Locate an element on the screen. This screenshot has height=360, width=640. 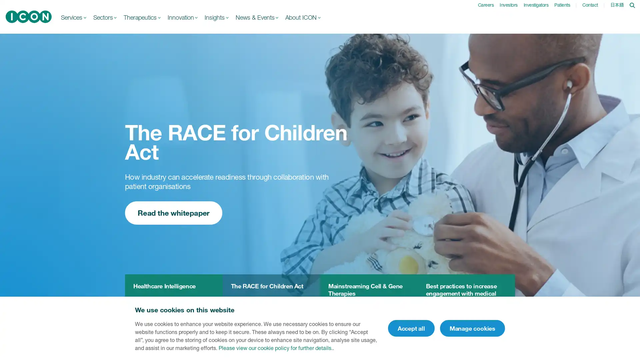
Read the whitepaper is located at coordinates (174, 208).